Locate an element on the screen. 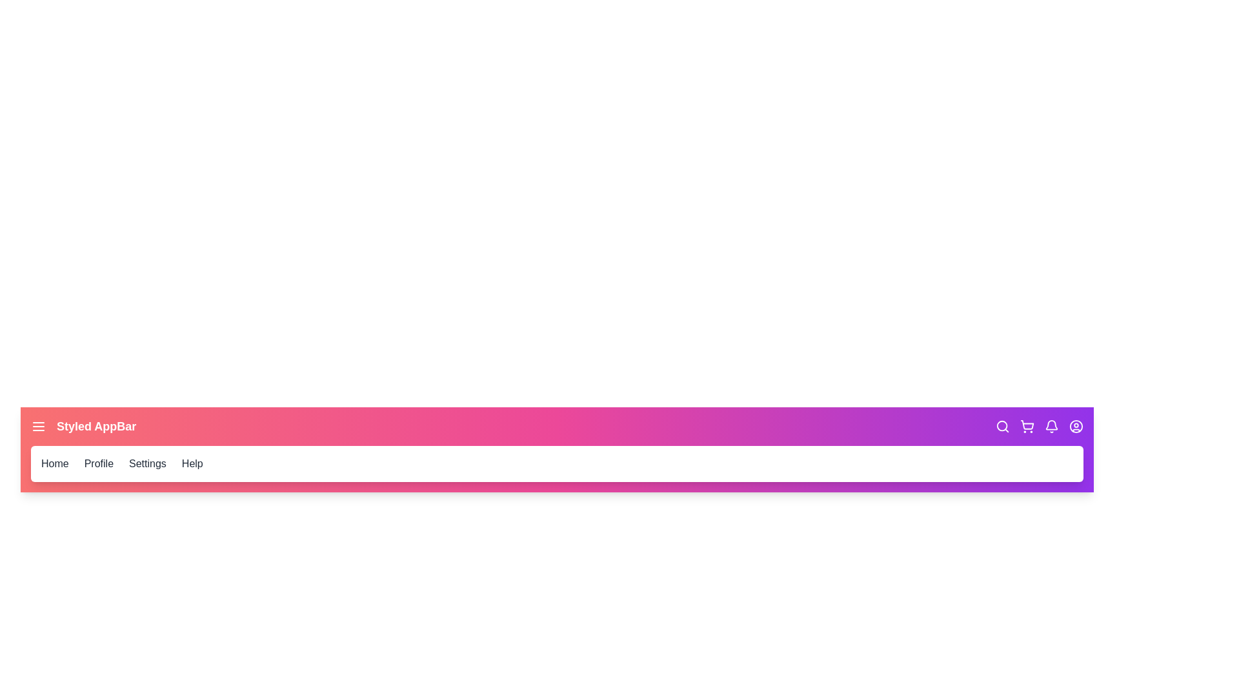  the navigation option Help from the menu is located at coordinates (192, 464).